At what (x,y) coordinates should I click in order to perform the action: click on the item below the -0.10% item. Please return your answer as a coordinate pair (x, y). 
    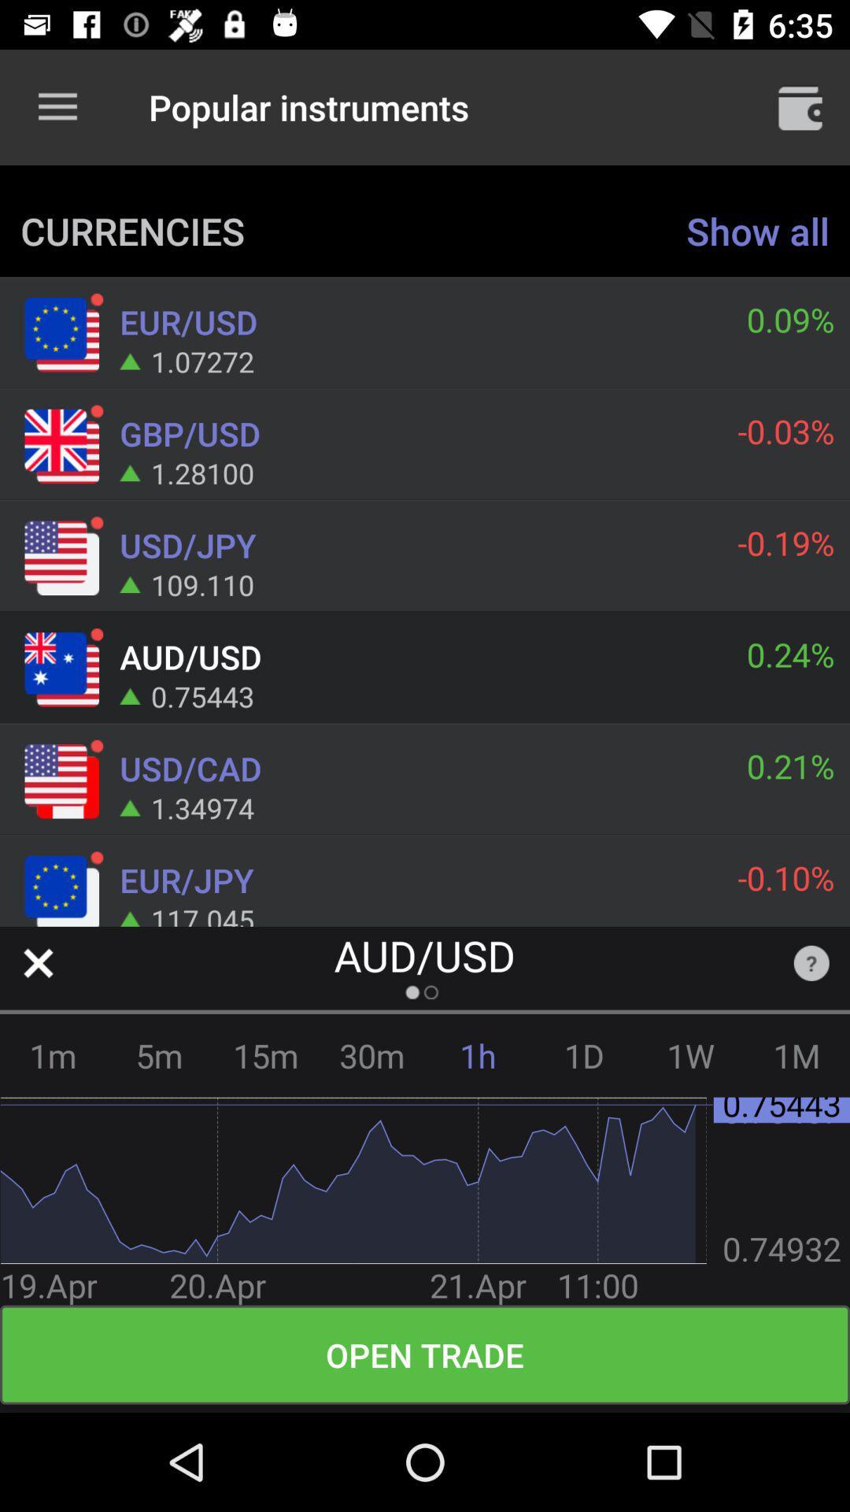
    Looking at the image, I should click on (811, 962).